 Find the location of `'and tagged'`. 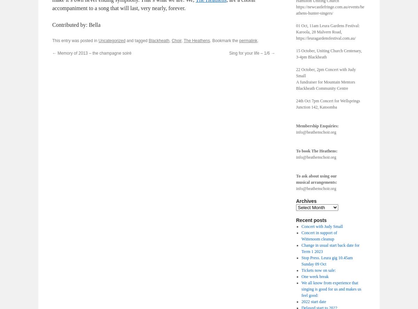

'and tagged' is located at coordinates (137, 41).